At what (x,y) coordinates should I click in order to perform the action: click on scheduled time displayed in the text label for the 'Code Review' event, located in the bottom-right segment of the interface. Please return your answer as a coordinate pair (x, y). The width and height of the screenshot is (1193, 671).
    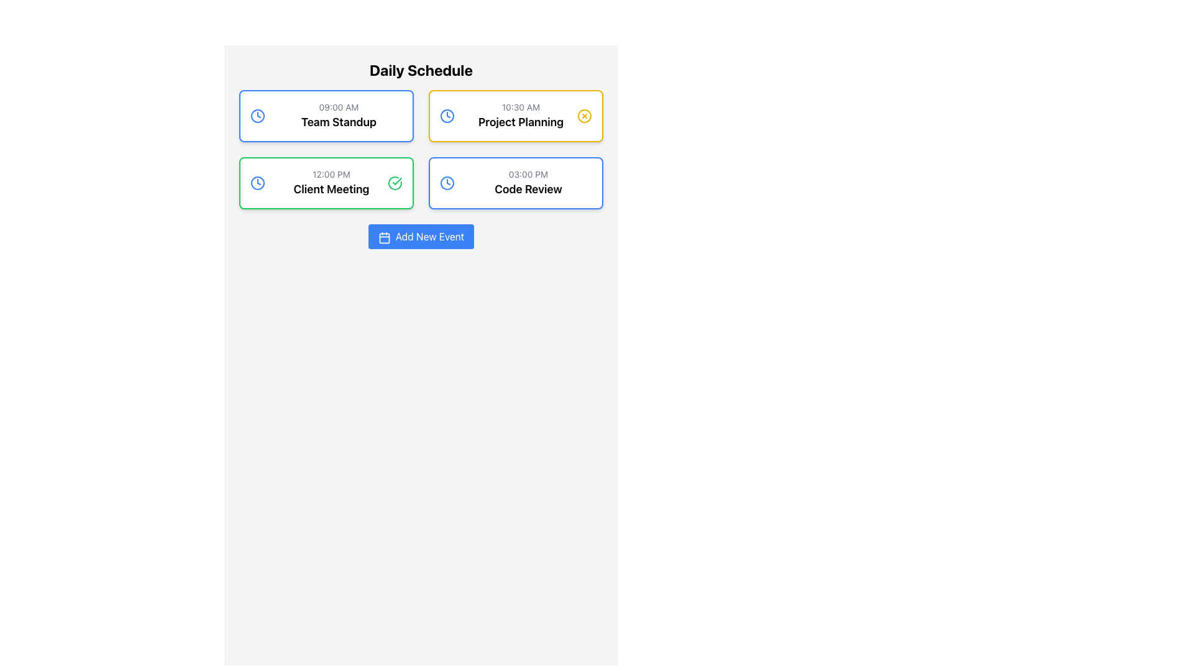
    Looking at the image, I should click on (528, 175).